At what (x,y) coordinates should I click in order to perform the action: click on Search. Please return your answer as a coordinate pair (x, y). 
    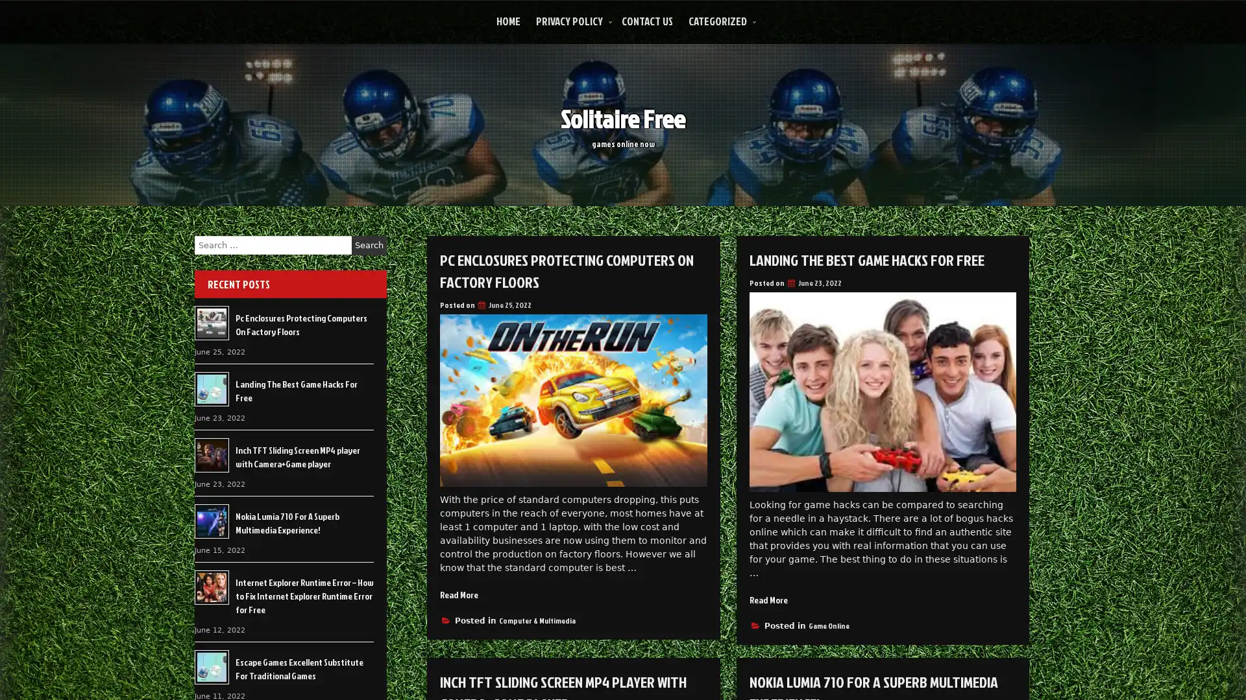
    Looking at the image, I should click on (369, 245).